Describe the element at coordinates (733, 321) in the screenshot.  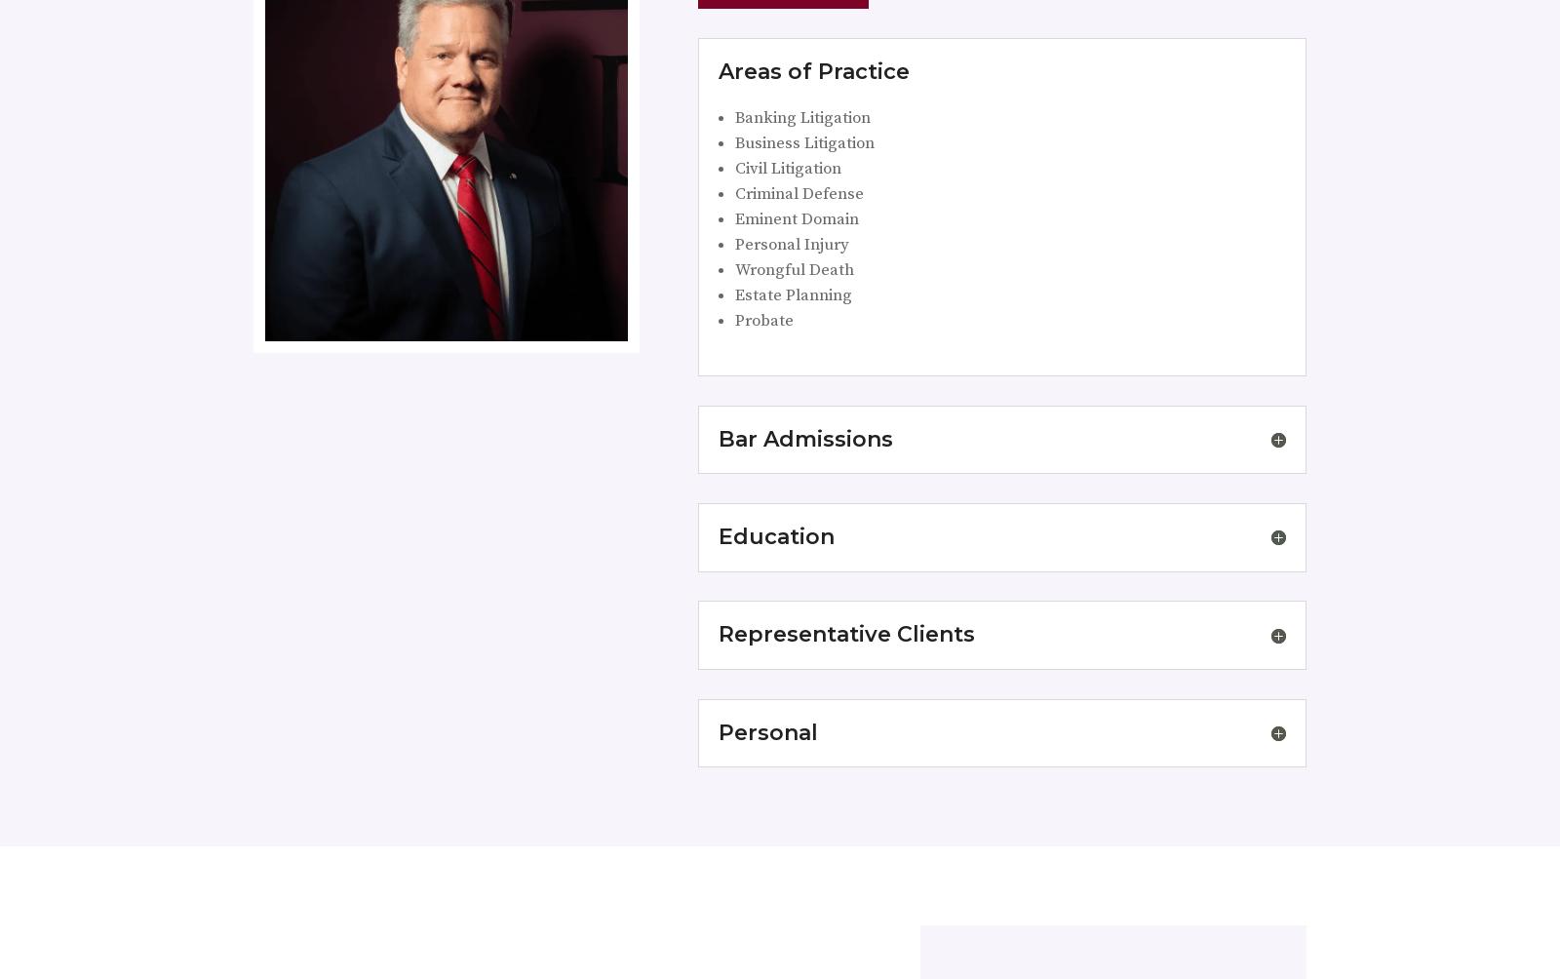
I see `'Probate'` at that location.